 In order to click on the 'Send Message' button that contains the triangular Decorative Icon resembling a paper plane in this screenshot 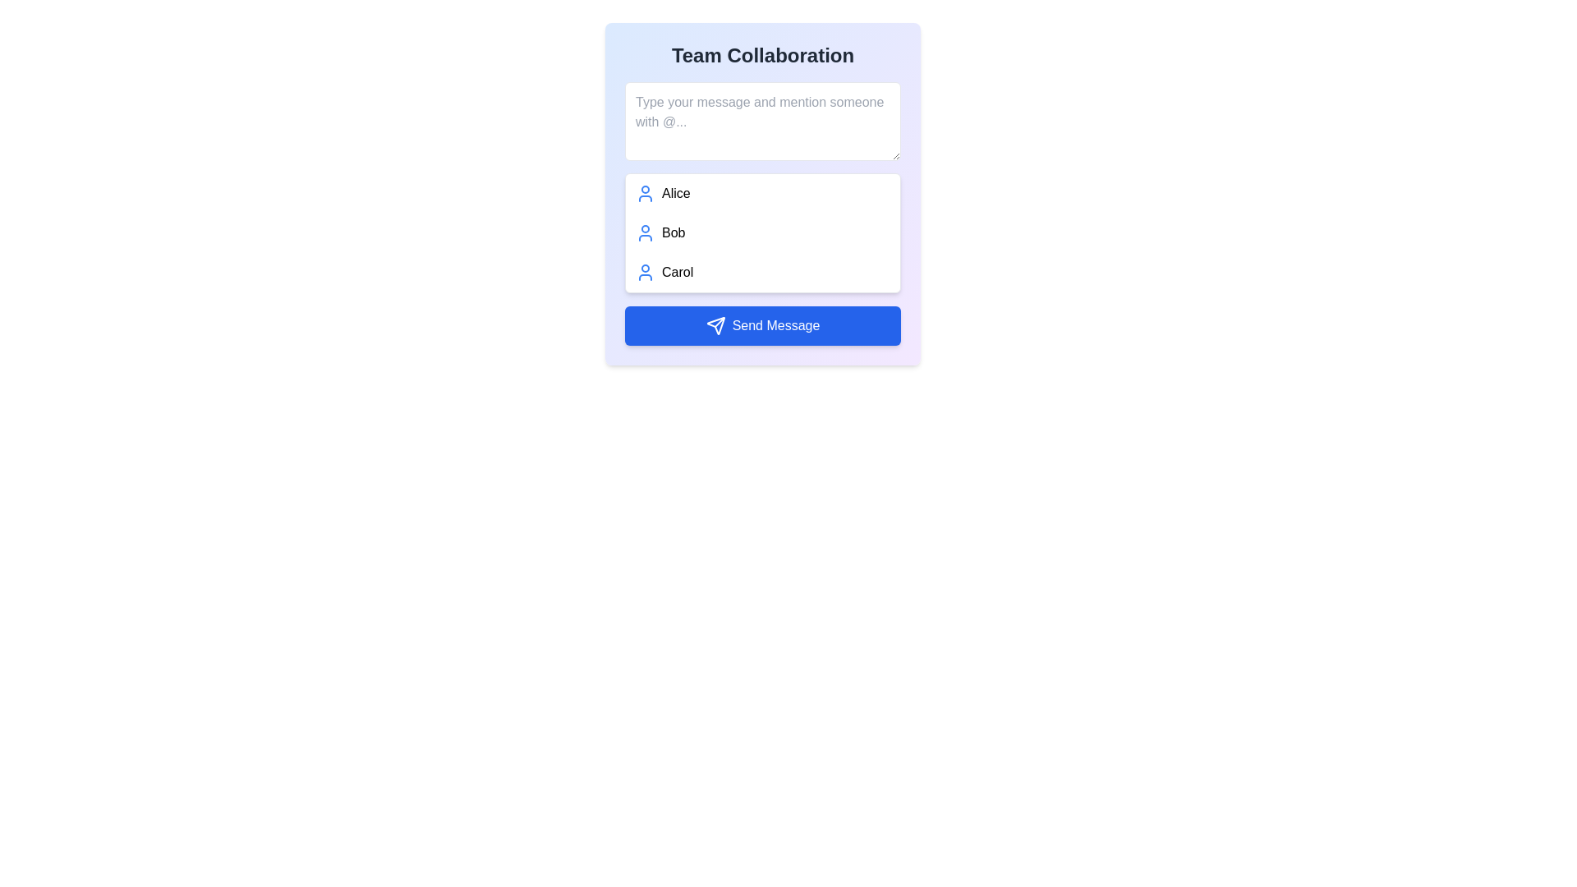, I will do `click(715, 326)`.